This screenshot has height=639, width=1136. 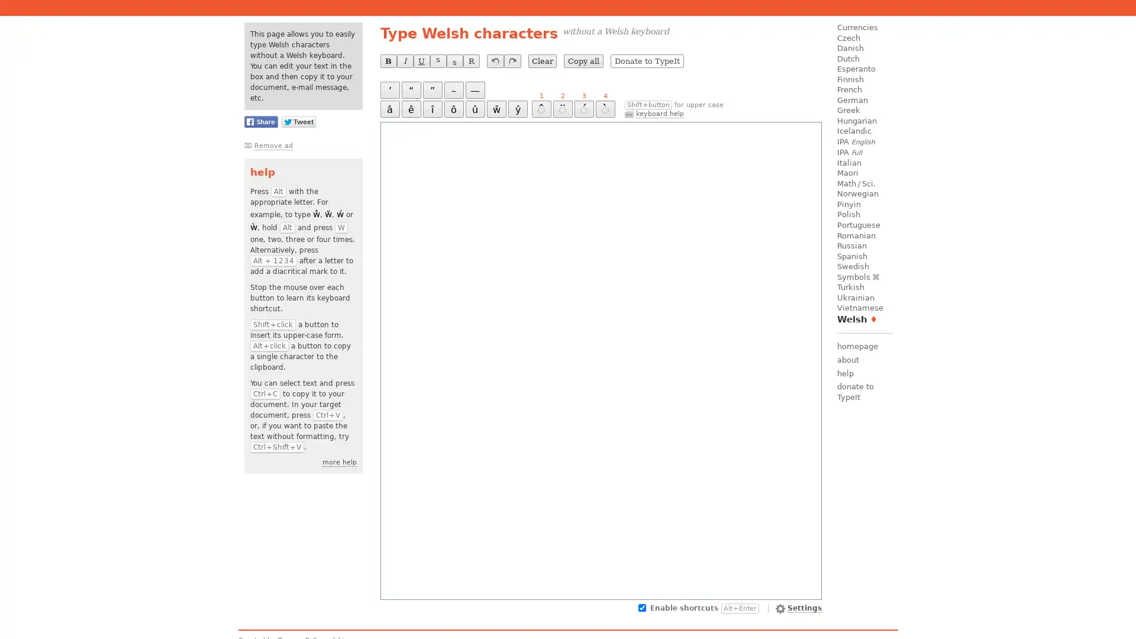 What do you see at coordinates (421, 61) in the screenshot?
I see `U` at bounding box center [421, 61].